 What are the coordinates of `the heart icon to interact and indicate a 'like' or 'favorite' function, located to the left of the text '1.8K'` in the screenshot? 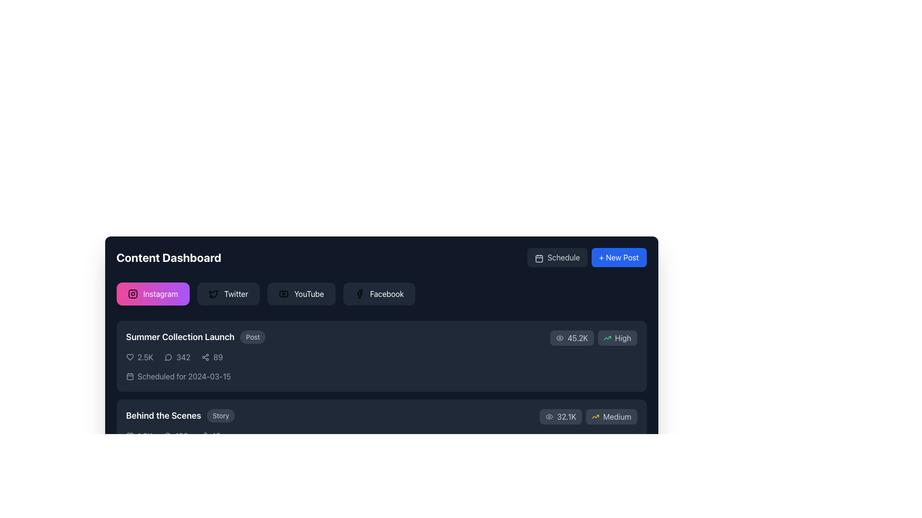 It's located at (129, 436).